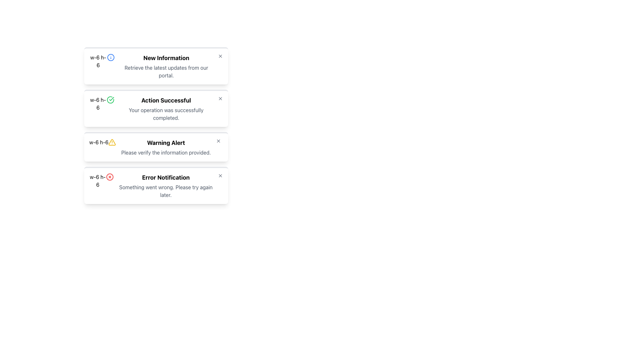  What do you see at coordinates (156, 147) in the screenshot?
I see `warning notification indicating the need to verify provided information, which is the third item in the list of notifications` at bounding box center [156, 147].